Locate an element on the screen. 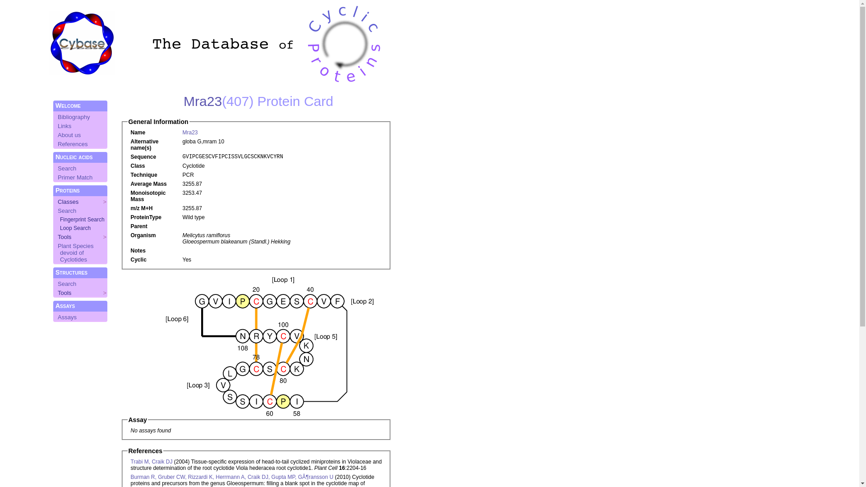 This screenshot has width=866, height=487. 'Links' is located at coordinates (64, 126).